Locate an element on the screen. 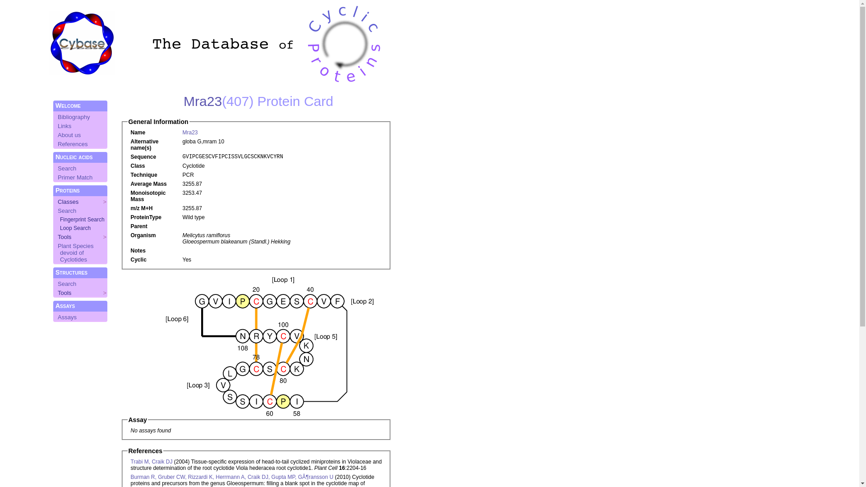 This screenshot has width=866, height=487. 'Links' is located at coordinates (64, 126).